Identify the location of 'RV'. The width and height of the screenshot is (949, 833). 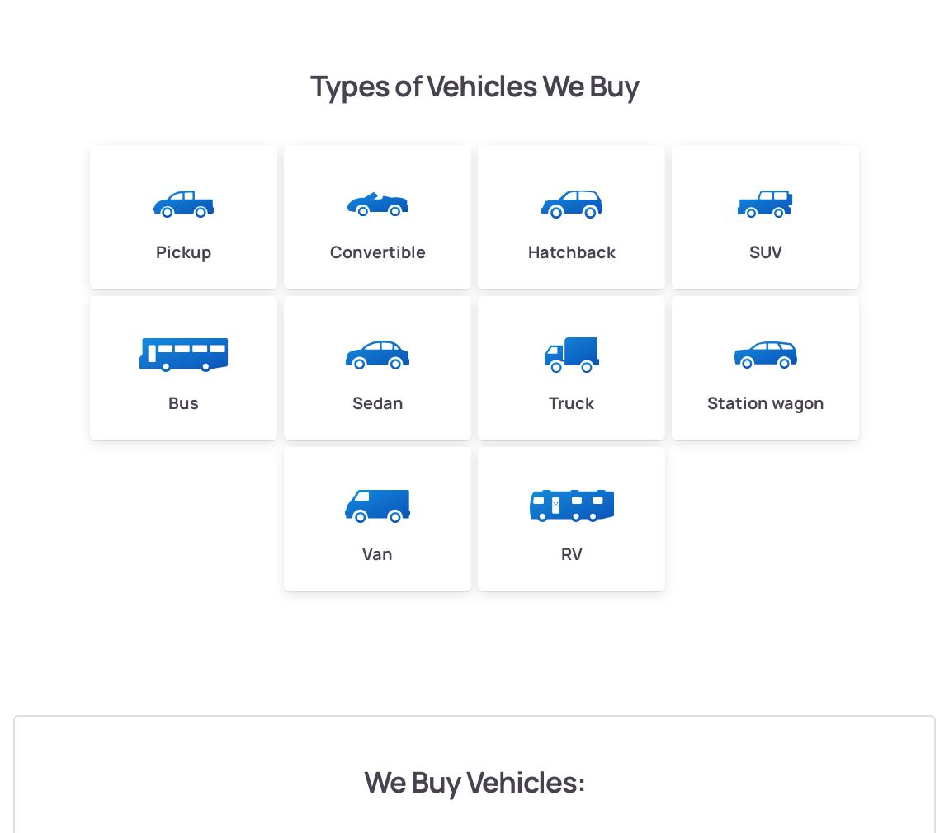
(569, 552).